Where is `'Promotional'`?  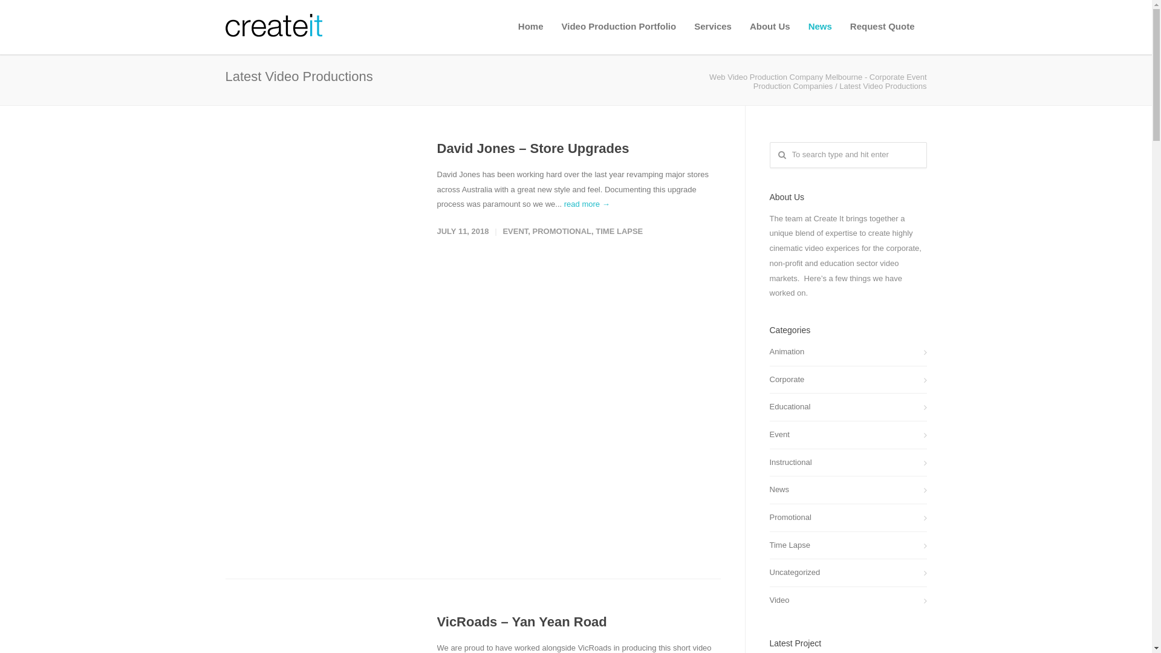
'Promotional' is located at coordinates (847, 517).